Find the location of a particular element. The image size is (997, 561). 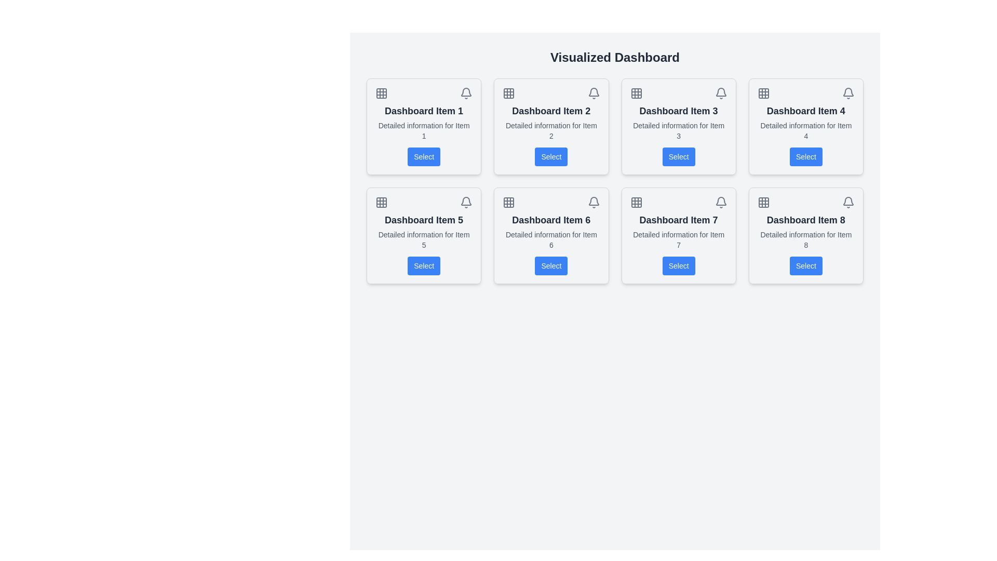

the 3x3 grid icon located in the header of the card labeled 'Dashboard Item 3' is located at coordinates (636, 94).